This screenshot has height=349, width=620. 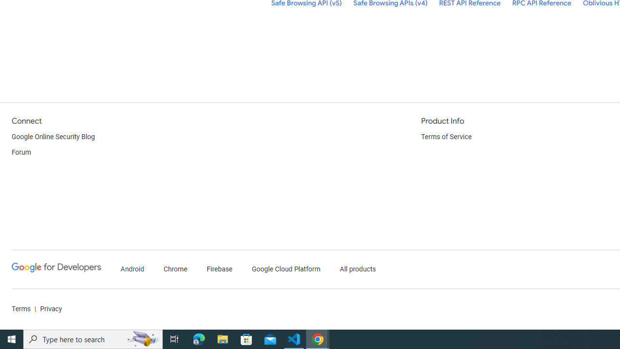 I want to click on 'All products', so click(x=357, y=269).